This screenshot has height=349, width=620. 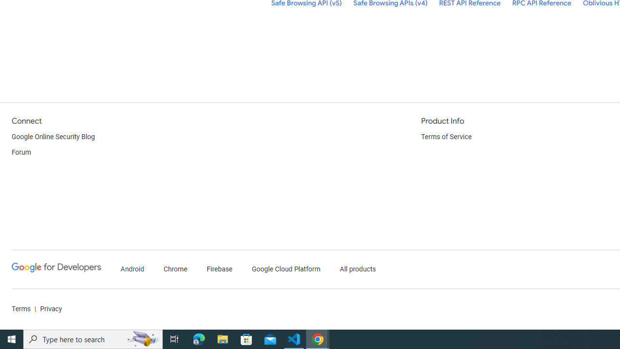 I want to click on 'All products', so click(x=357, y=269).